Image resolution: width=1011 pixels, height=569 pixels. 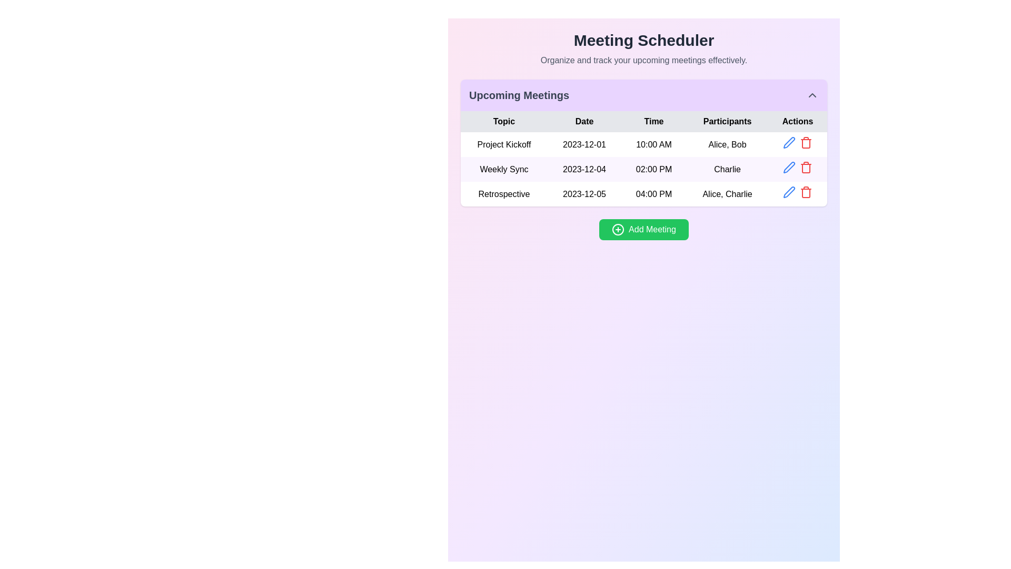 I want to click on the static text display labeled 'Charlie' located in the 'Participants' column of the second row of the table within the 'Weekly Sync' section, so click(x=727, y=169).